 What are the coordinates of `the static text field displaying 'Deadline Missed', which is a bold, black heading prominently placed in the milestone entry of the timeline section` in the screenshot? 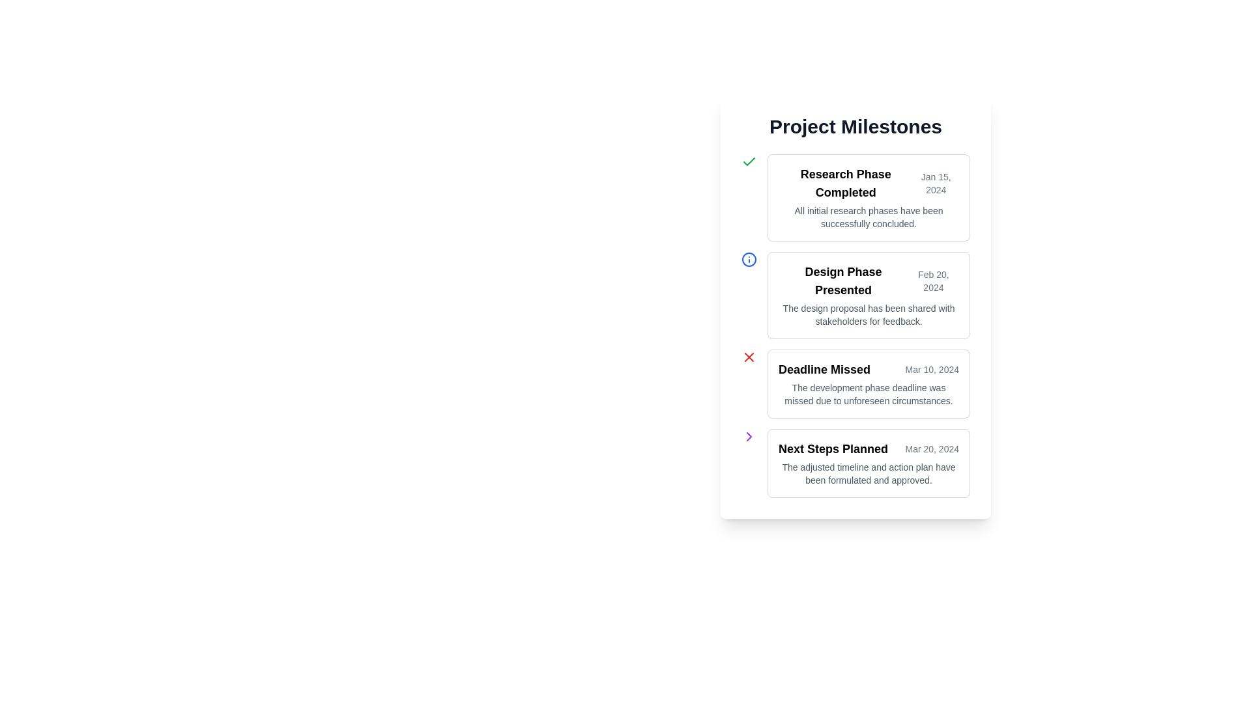 It's located at (824, 369).